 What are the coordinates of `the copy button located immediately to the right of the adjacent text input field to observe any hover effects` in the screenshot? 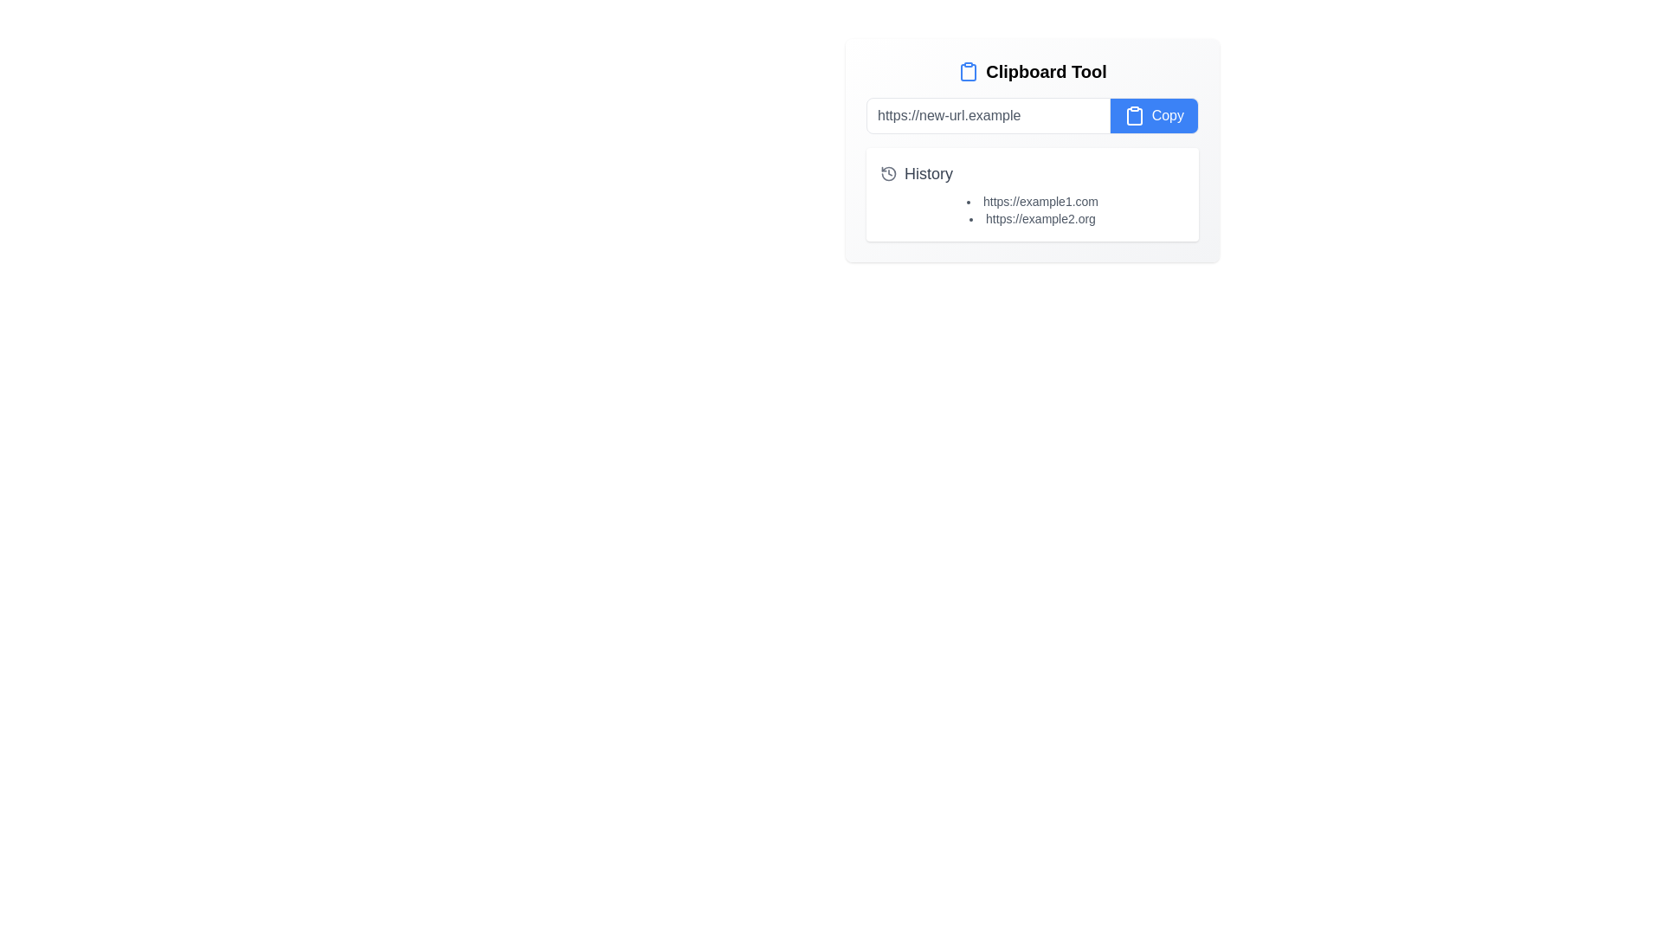 It's located at (1154, 116).